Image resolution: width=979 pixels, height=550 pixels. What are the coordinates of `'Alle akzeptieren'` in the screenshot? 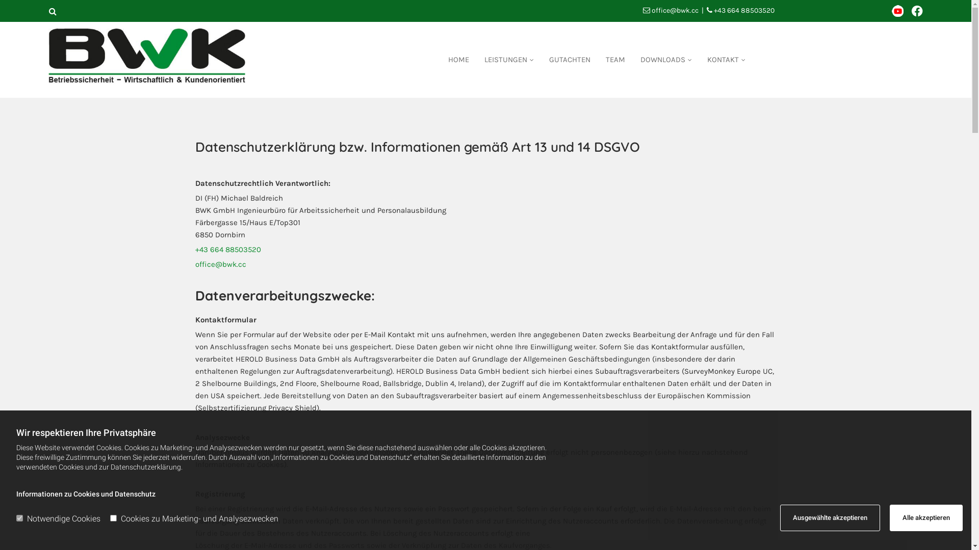 It's located at (926, 518).